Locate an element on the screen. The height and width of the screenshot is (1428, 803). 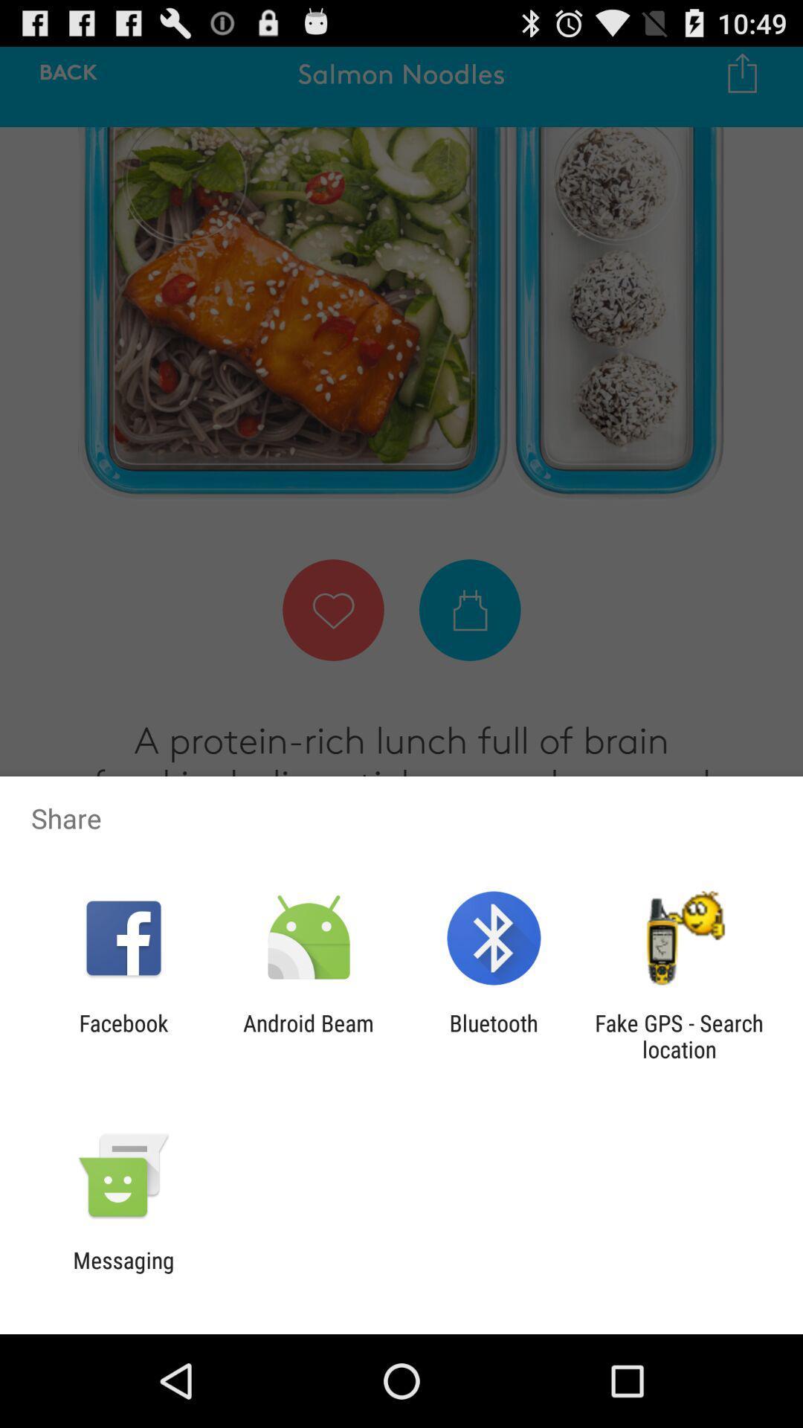
item next to bluetooth icon is located at coordinates (679, 1035).